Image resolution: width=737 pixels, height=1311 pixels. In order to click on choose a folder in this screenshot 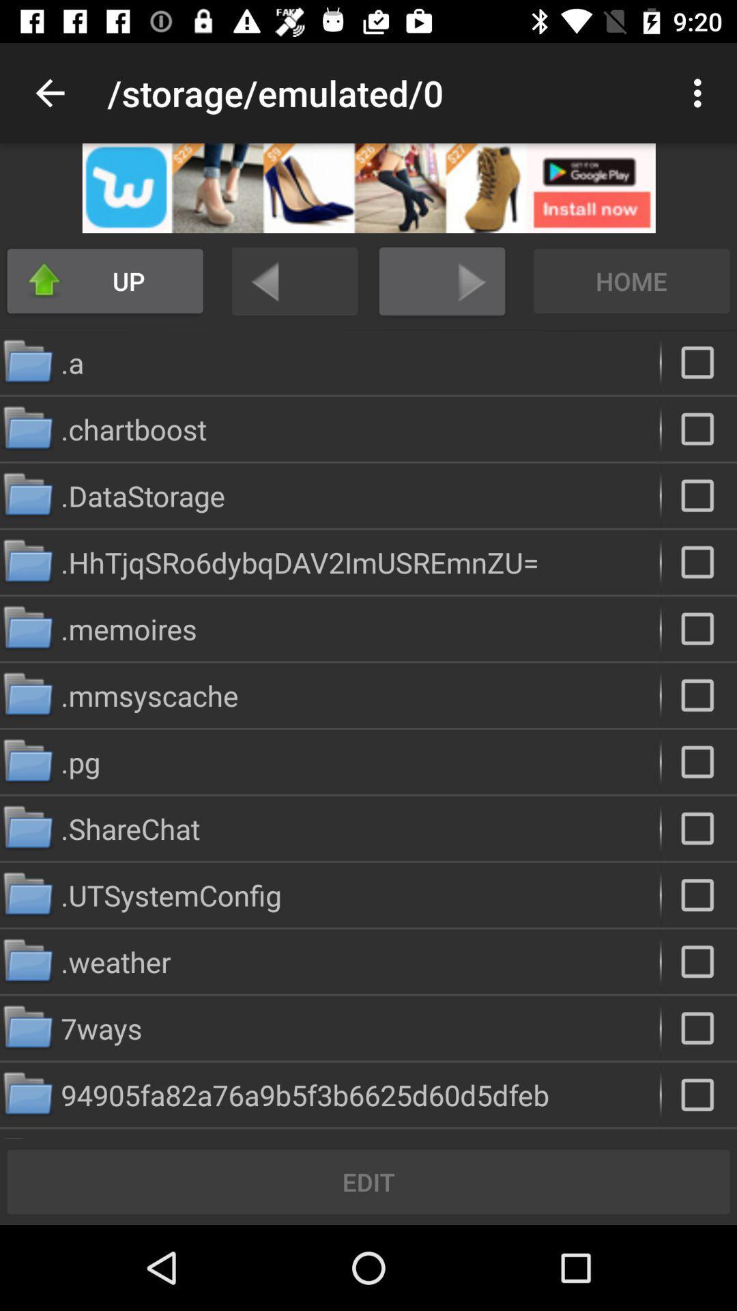, I will do `click(699, 761)`.